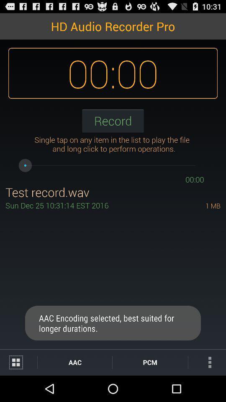  I want to click on open menu tiles, so click(18, 362).